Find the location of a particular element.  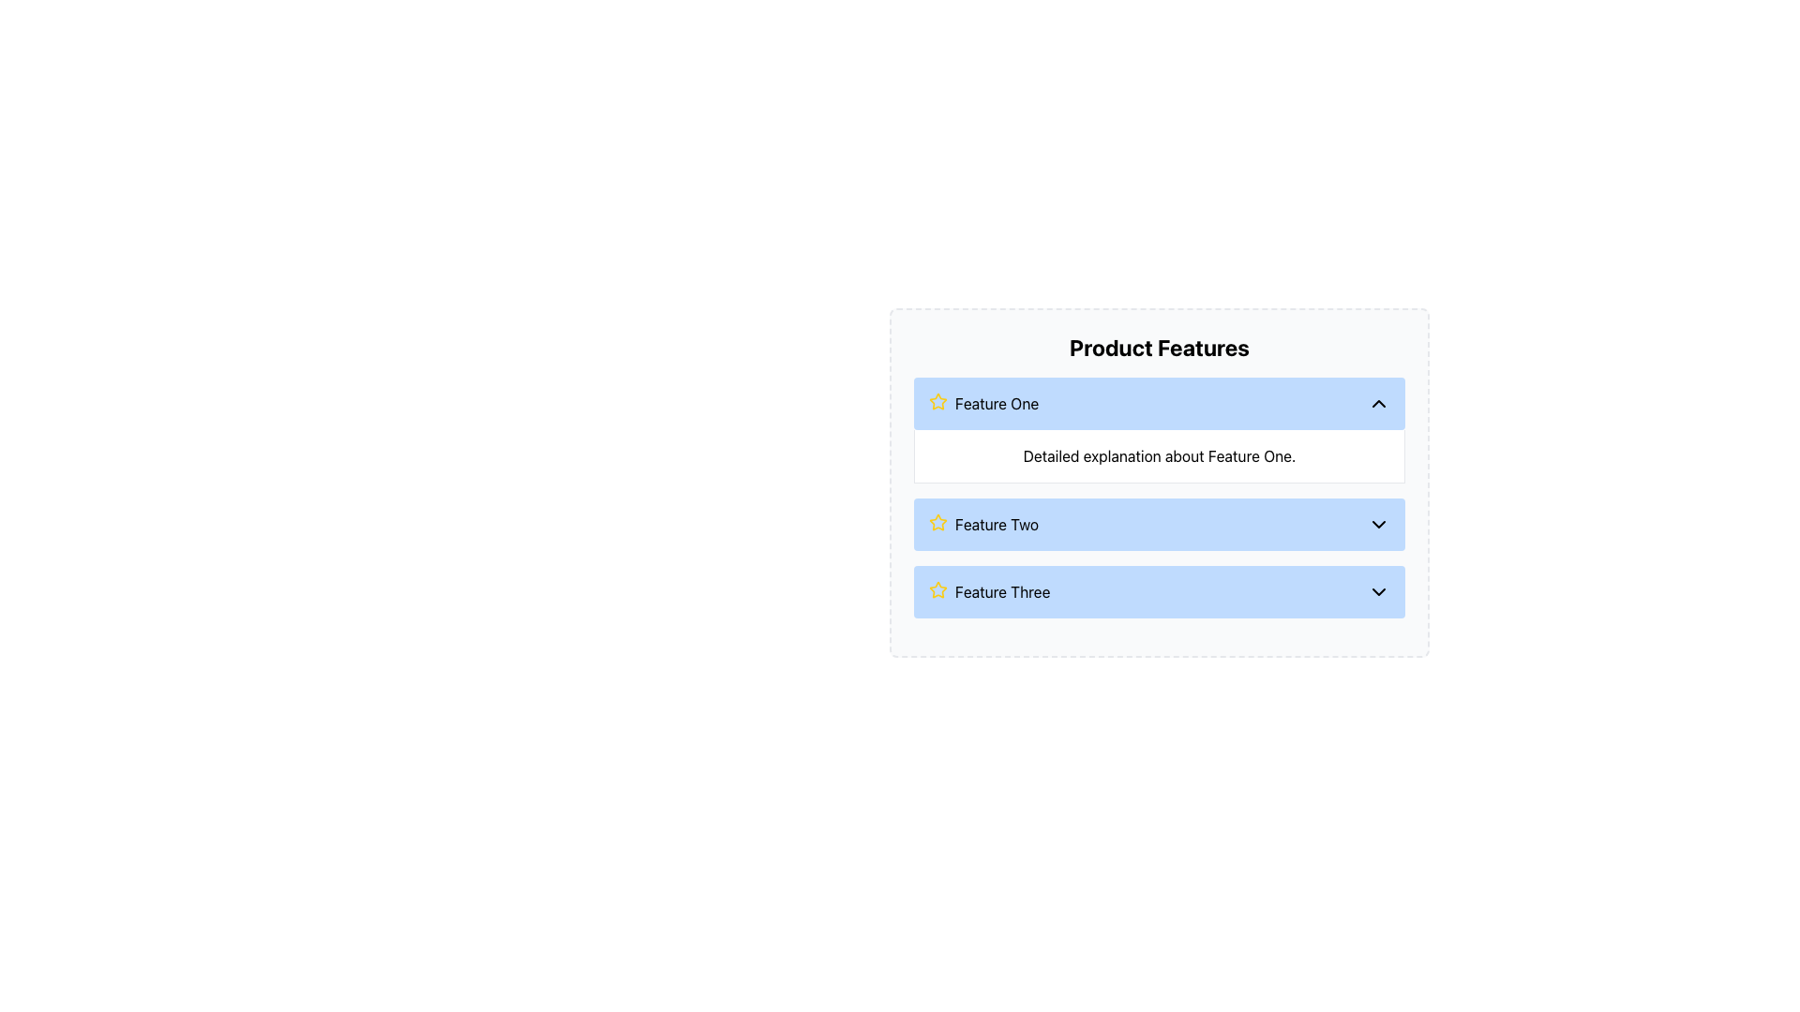

the third feature button labeled 'Feature Three' in the product features list is located at coordinates (1159, 592).